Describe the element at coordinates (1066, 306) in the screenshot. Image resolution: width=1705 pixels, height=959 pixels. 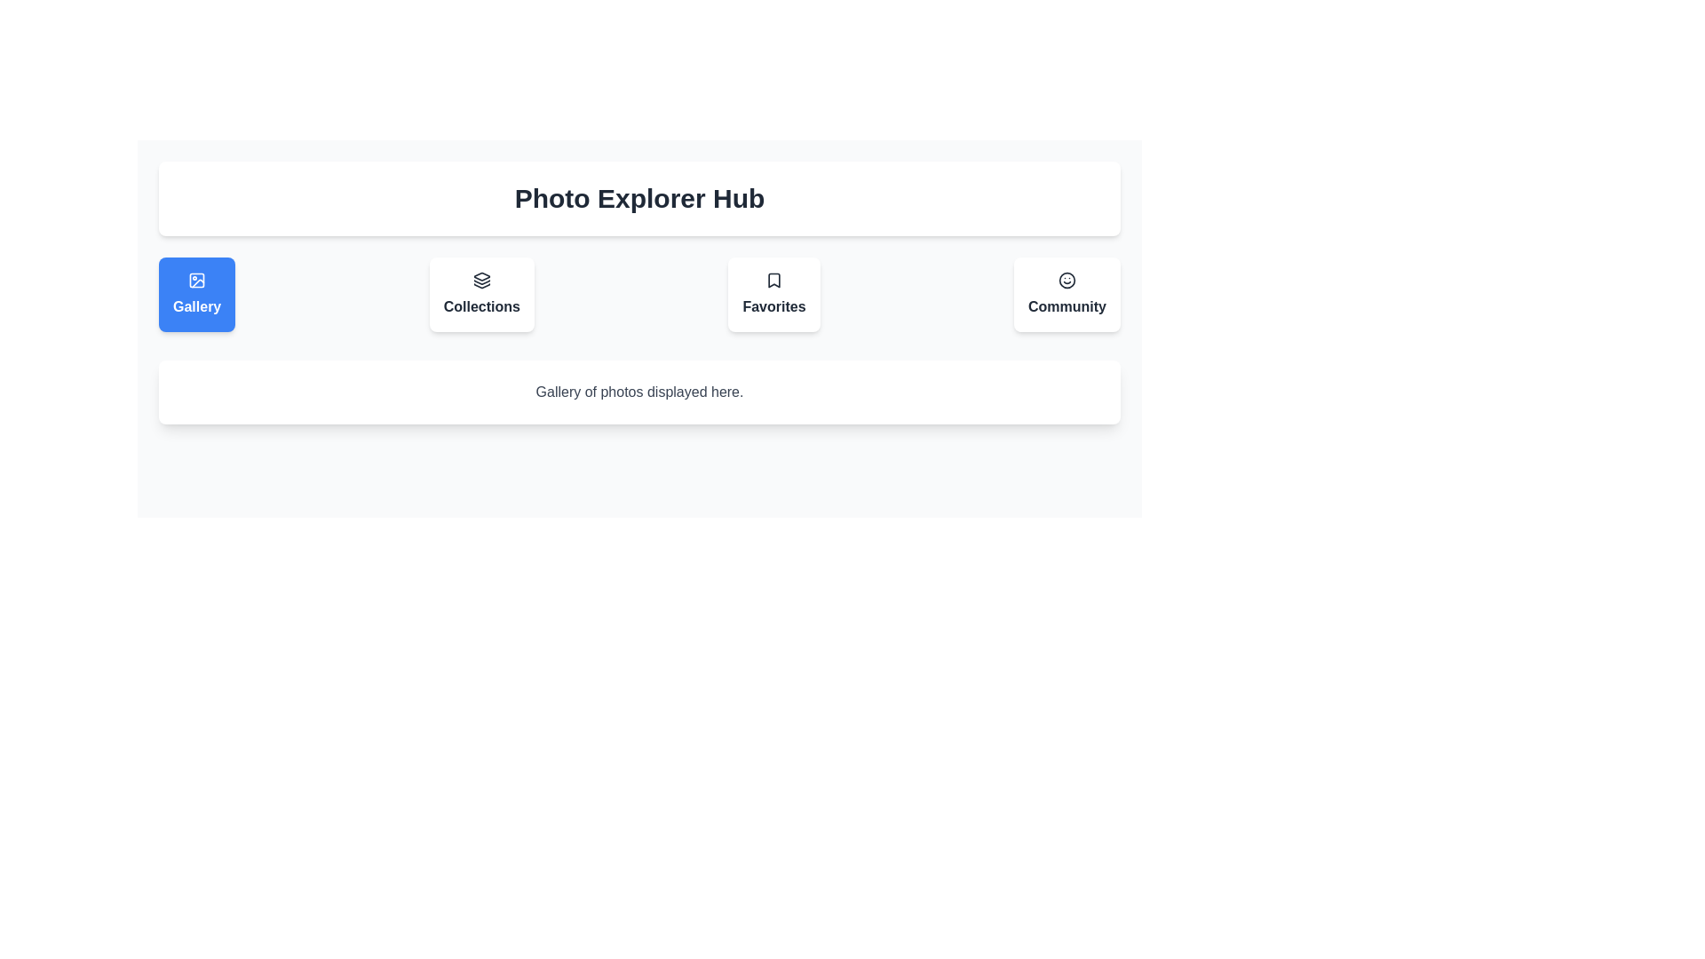
I see `the 'Community' text label located in the top-right corner of the fourth tile, under the smiling face icon` at that location.